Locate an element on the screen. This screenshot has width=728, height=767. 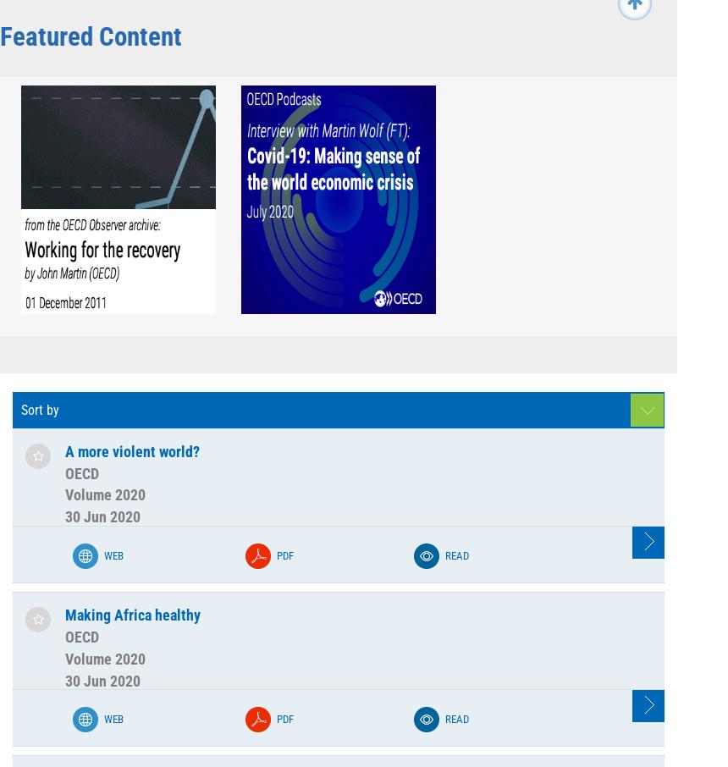
'Volume 2014' is located at coordinates (228, 60).